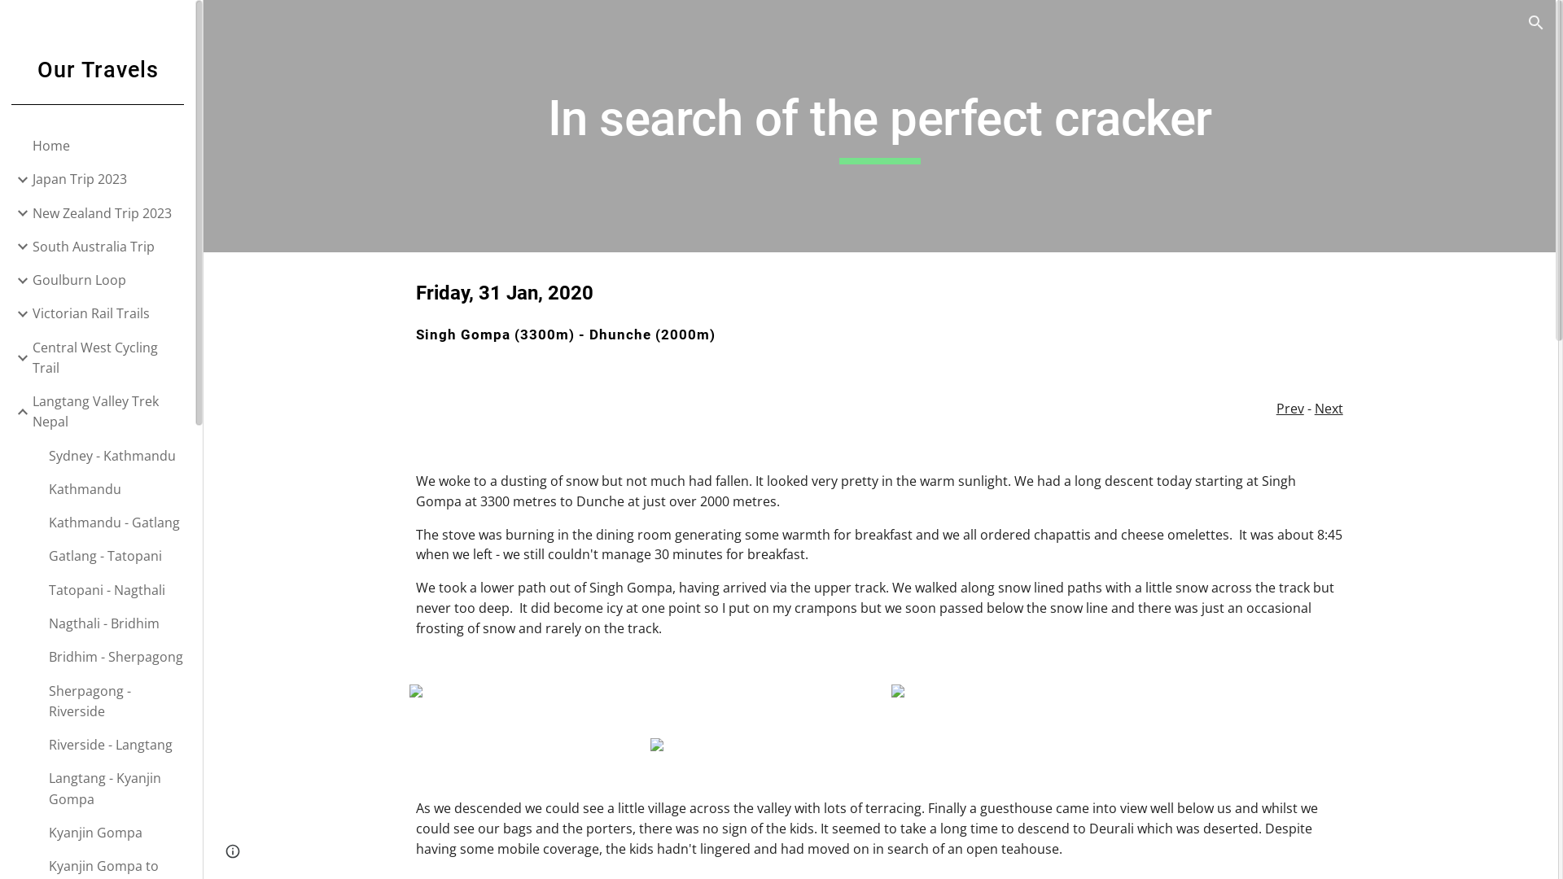 The image size is (1563, 879). I want to click on 'Expand/Collapse', so click(18, 212).